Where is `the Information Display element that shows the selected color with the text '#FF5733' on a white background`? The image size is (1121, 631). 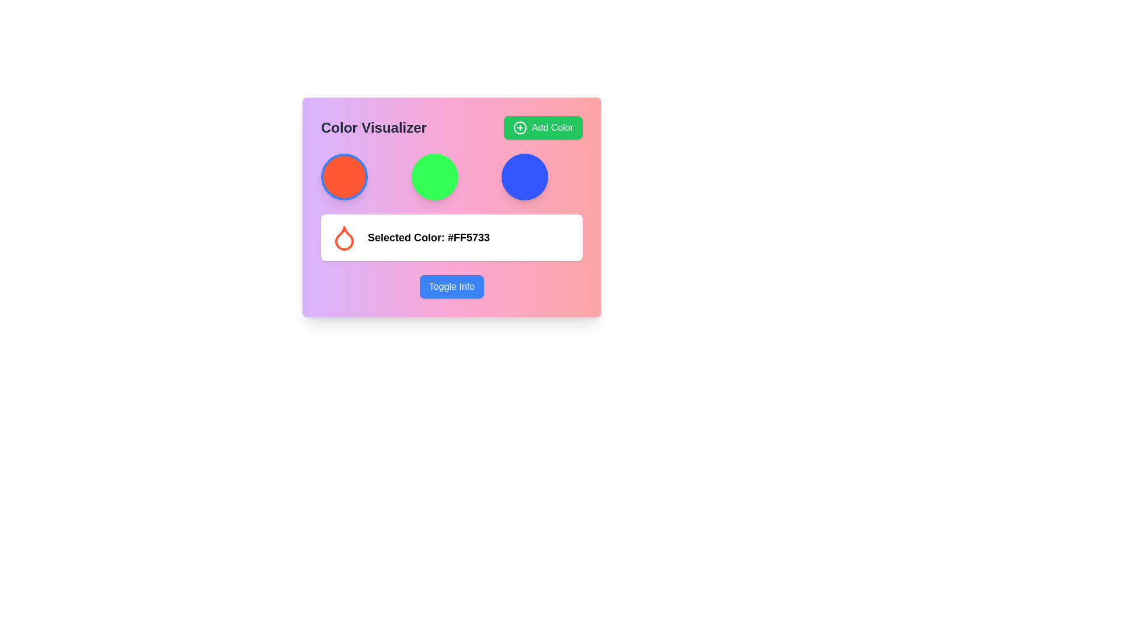
the Information Display element that shows the selected color with the text '#FF5733' on a white background is located at coordinates (451, 237).